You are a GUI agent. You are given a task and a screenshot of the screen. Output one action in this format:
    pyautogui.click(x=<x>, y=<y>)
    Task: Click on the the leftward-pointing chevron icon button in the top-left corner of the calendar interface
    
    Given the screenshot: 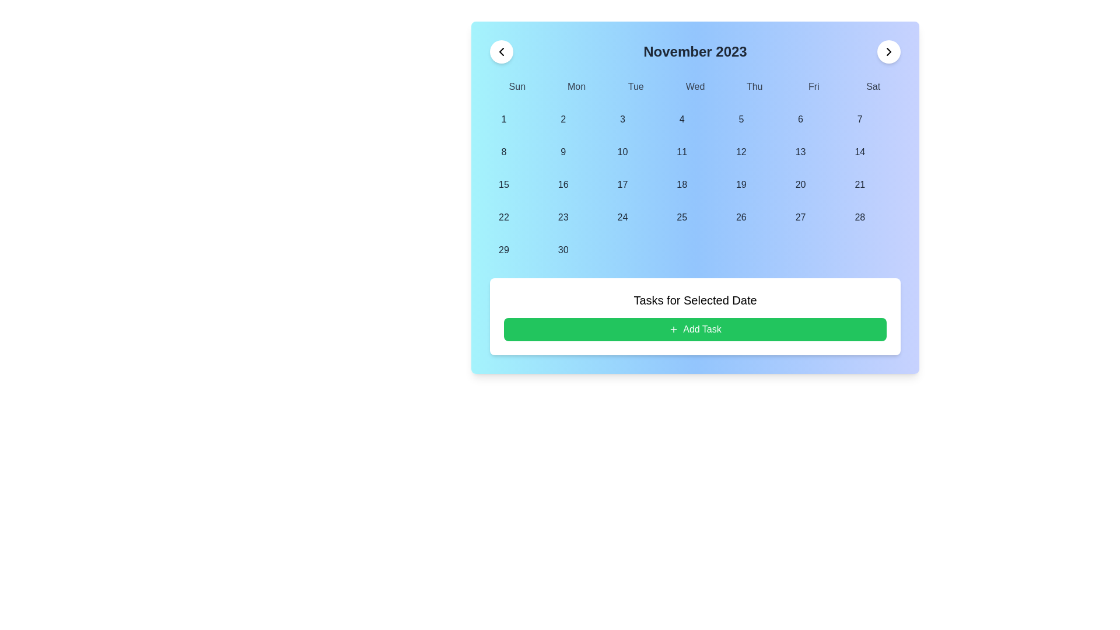 What is the action you would take?
    pyautogui.click(x=501, y=51)
    